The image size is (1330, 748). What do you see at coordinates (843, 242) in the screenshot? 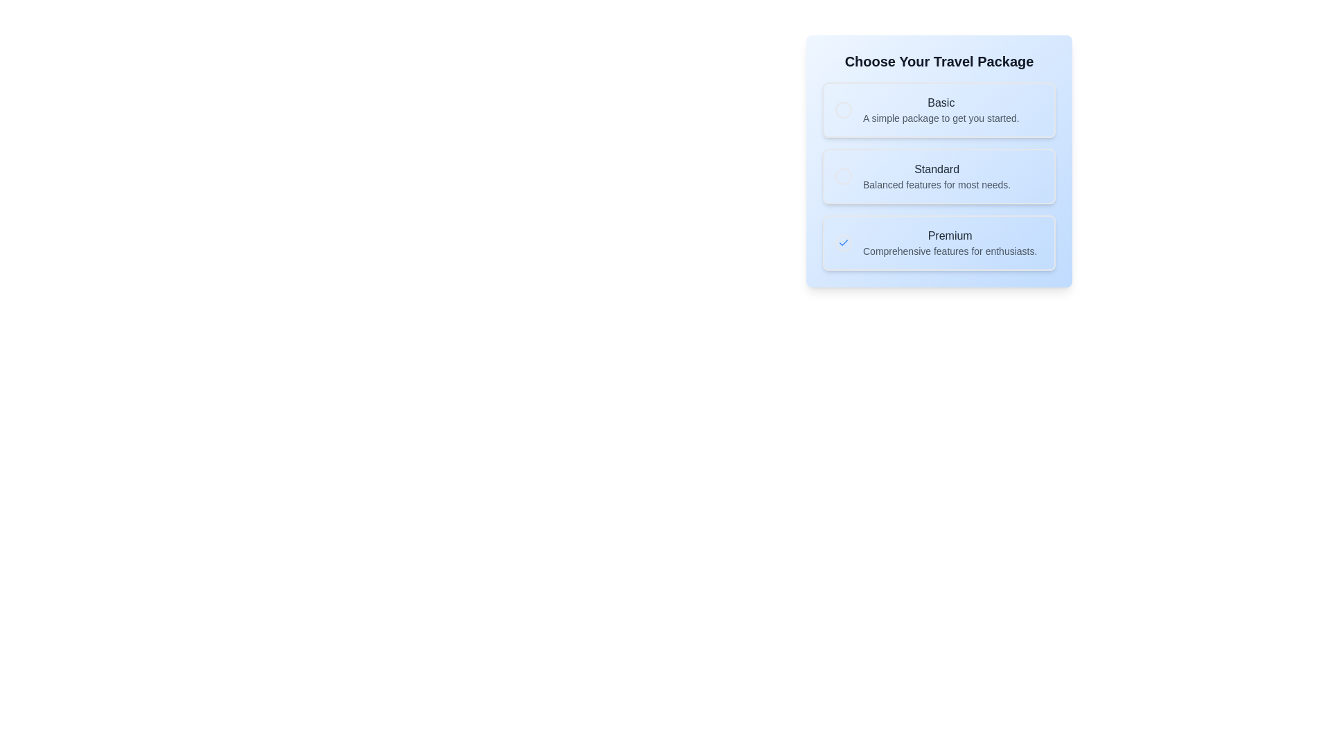
I see `the checkmark icon indicating the 'Premium' travel package option to interact with the selection process` at bounding box center [843, 242].